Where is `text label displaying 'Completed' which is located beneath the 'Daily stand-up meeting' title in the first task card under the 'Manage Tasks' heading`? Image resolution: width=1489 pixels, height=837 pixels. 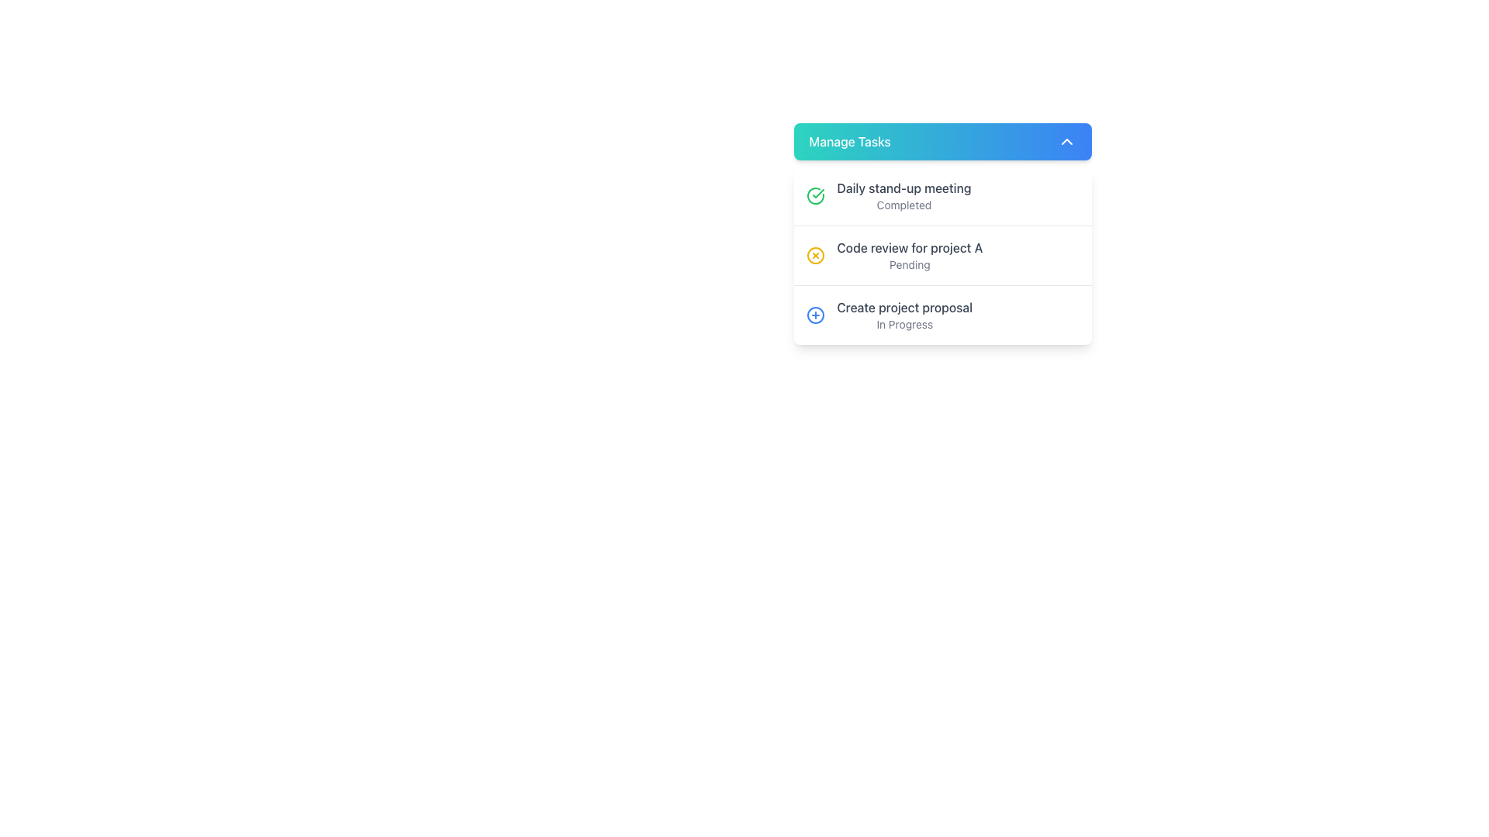 text label displaying 'Completed' which is located beneath the 'Daily stand-up meeting' title in the first task card under the 'Manage Tasks' heading is located at coordinates (904, 205).